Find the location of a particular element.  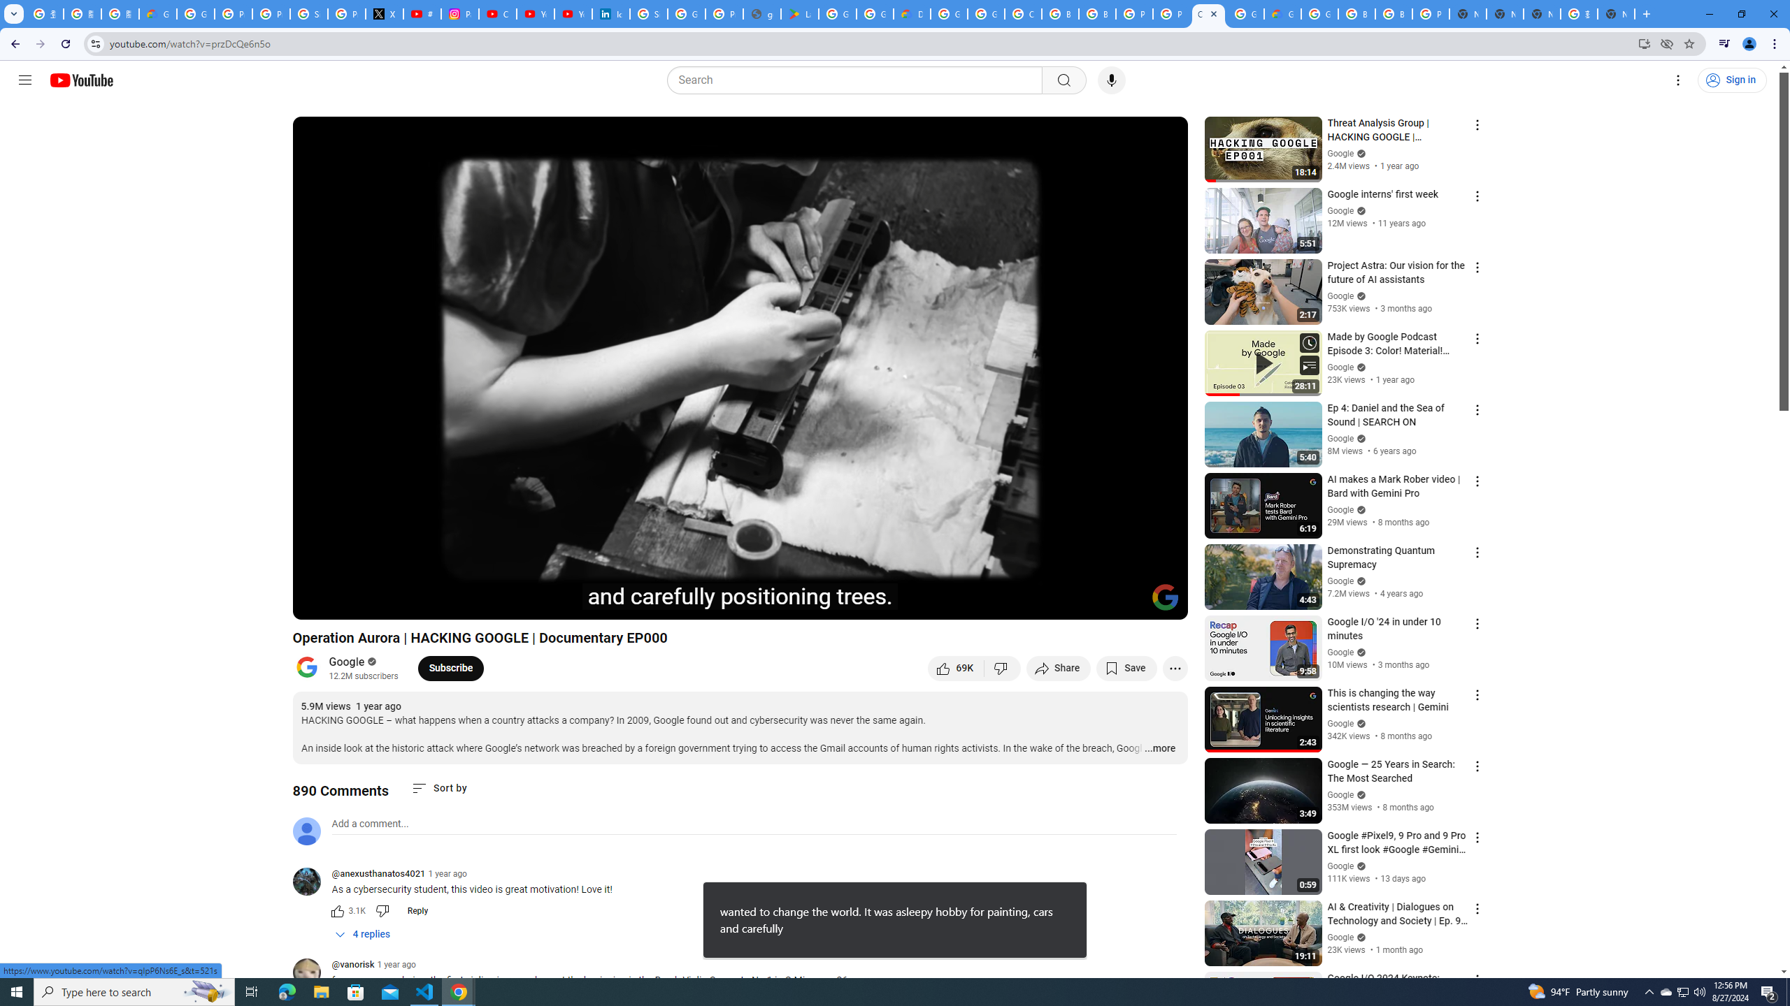

'Sort comments' is located at coordinates (438, 787).